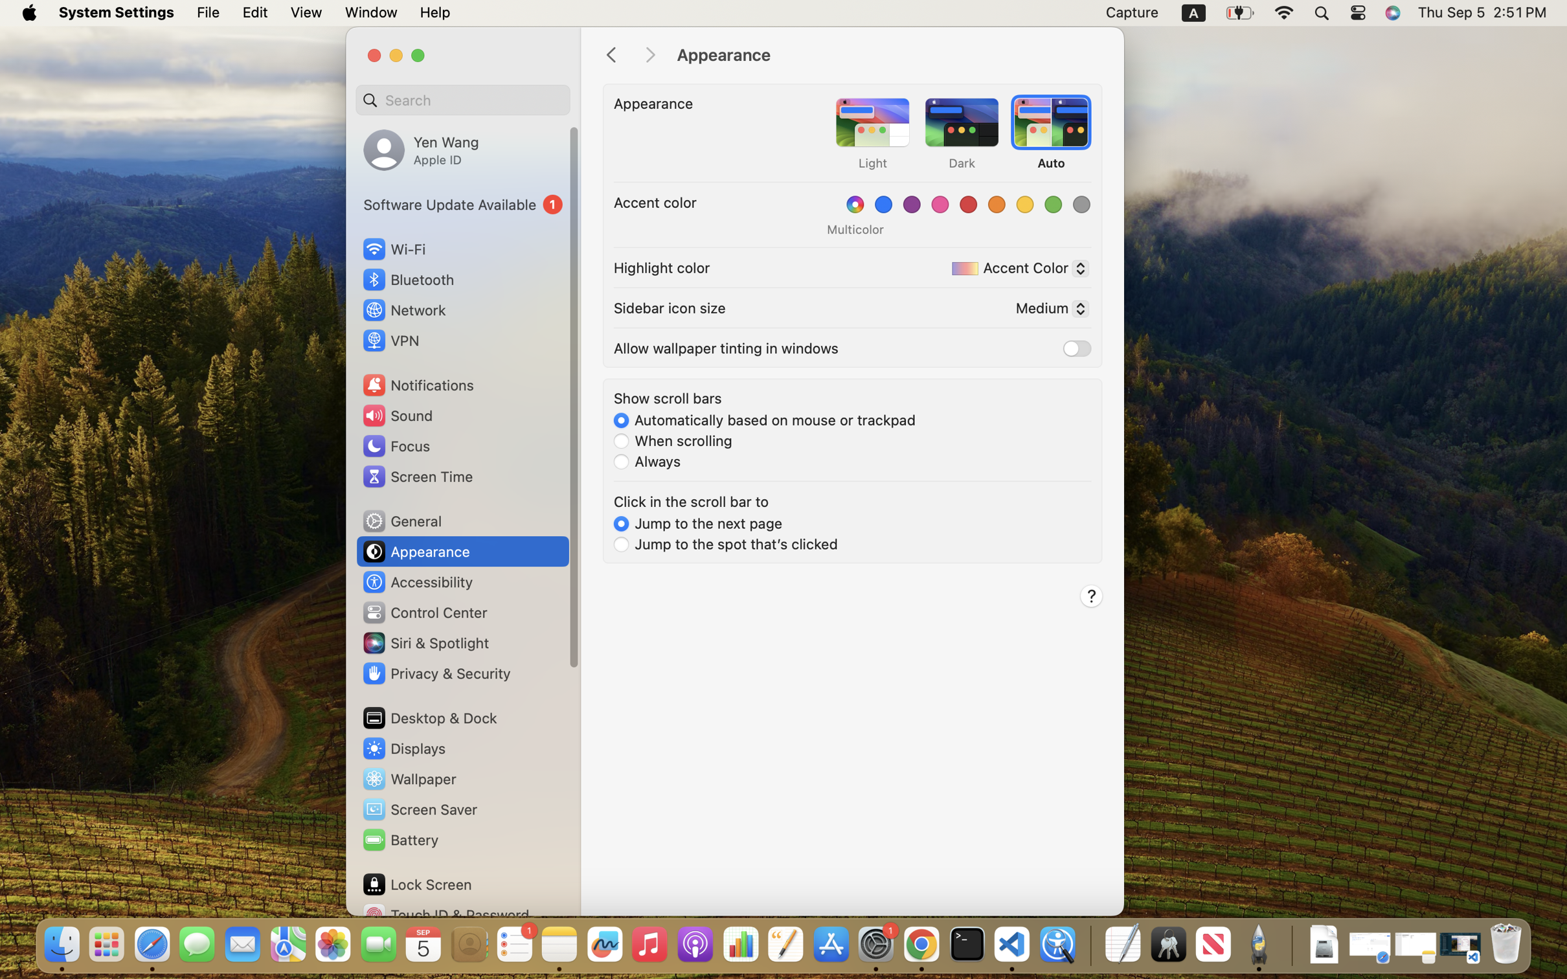 Image resolution: width=1567 pixels, height=979 pixels. Describe the element at coordinates (421, 149) in the screenshot. I see `'Yen Wang, Apple ID'` at that location.